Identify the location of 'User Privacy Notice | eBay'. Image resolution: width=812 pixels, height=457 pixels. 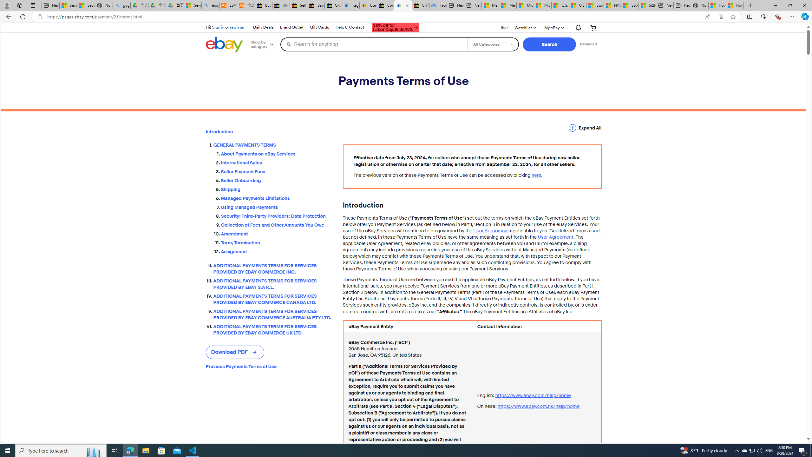
(368, 5).